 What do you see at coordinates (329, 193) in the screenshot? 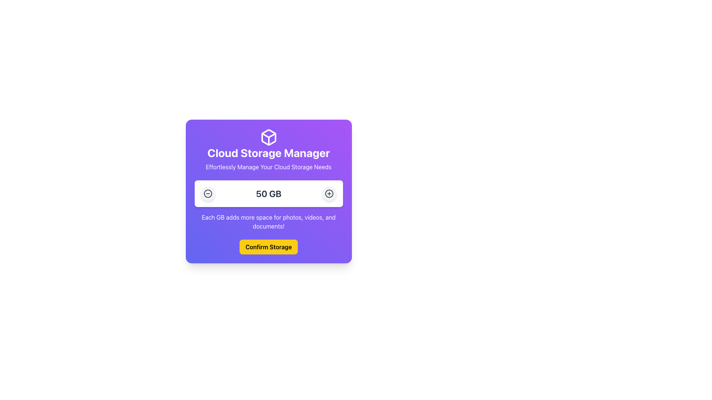
I see `the increase cloud storage button located on the far right side of the layout next to the 50 GB text` at bounding box center [329, 193].